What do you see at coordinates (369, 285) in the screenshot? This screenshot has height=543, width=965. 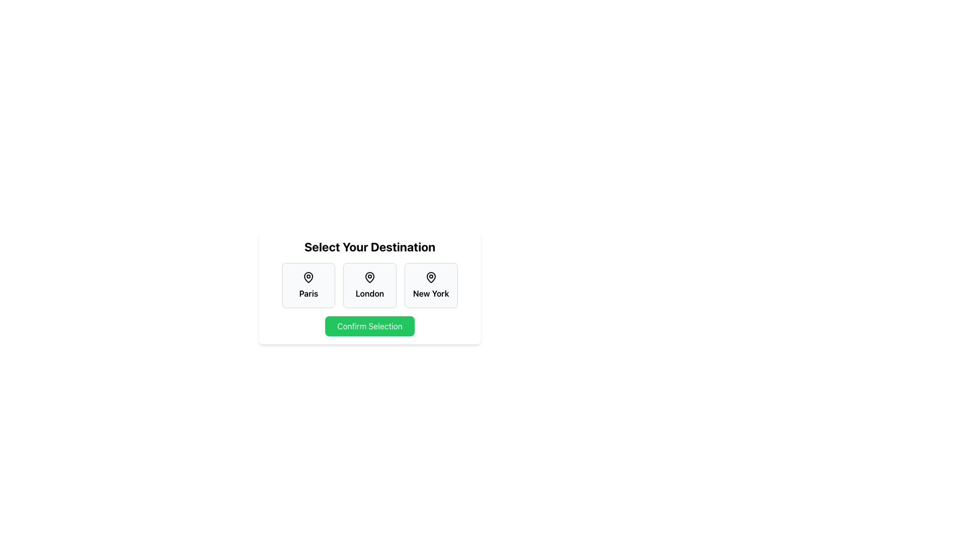 I see `the city block representing 'London' which is the second of three city blocks in the grid layout below the heading 'Select Your Destination'` at bounding box center [369, 285].